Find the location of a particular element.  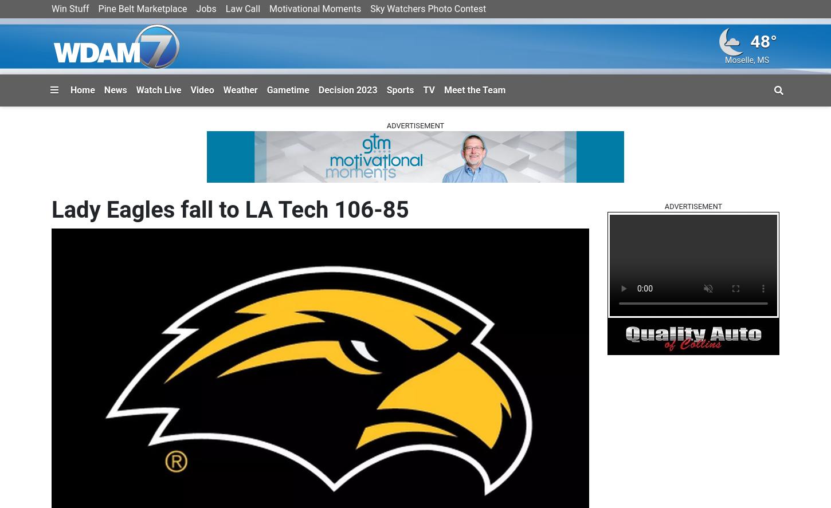

'Gametime' is located at coordinates (266, 89).